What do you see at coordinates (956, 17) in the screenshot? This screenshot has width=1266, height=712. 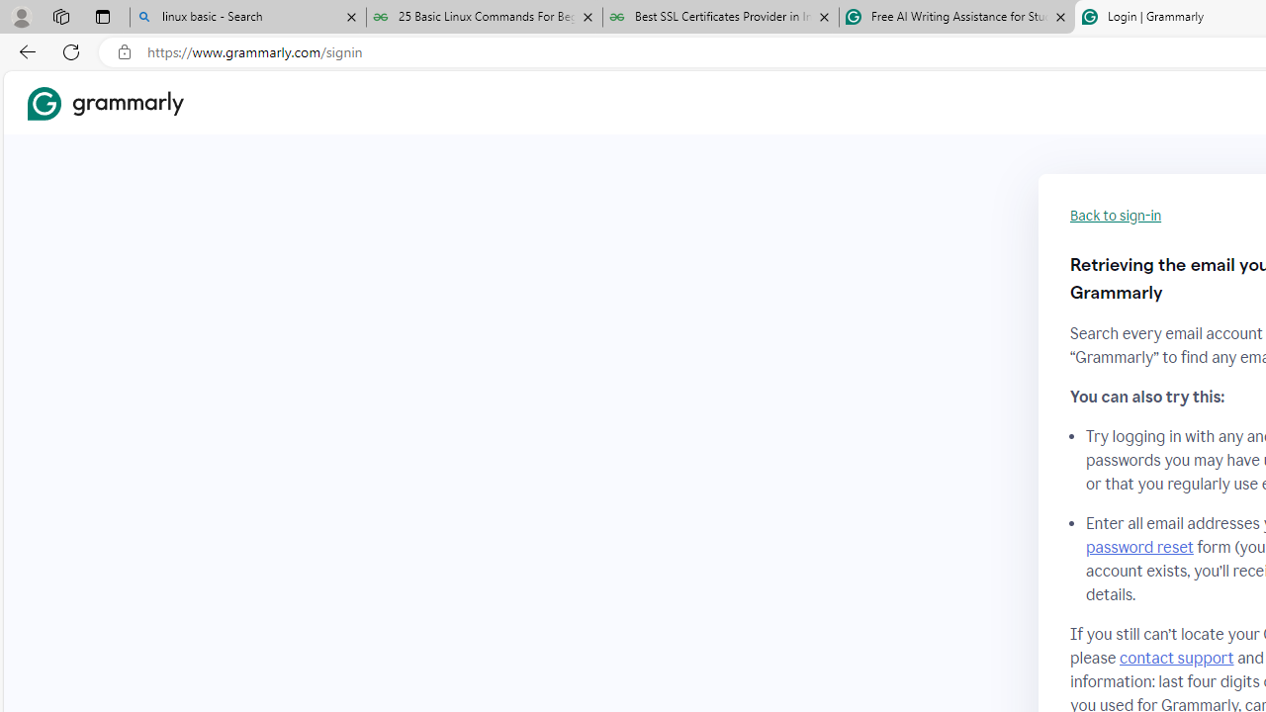 I see `'Free AI Writing Assistance for Students | Grammarly'` at bounding box center [956, 17].